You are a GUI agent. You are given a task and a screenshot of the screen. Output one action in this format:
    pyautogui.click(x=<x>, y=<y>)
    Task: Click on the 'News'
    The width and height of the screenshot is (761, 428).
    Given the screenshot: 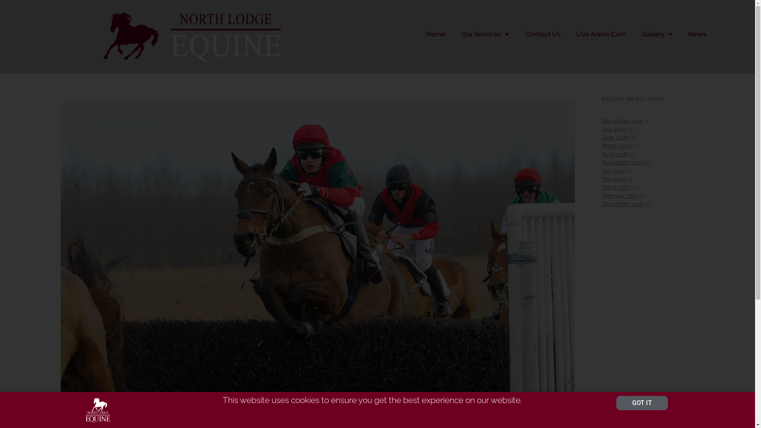 What is the action you would take?
    pyautogui.click(x=680, y=33)
    